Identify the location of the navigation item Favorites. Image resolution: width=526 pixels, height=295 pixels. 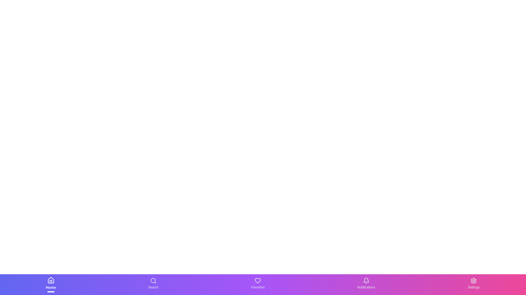
(257, 284).